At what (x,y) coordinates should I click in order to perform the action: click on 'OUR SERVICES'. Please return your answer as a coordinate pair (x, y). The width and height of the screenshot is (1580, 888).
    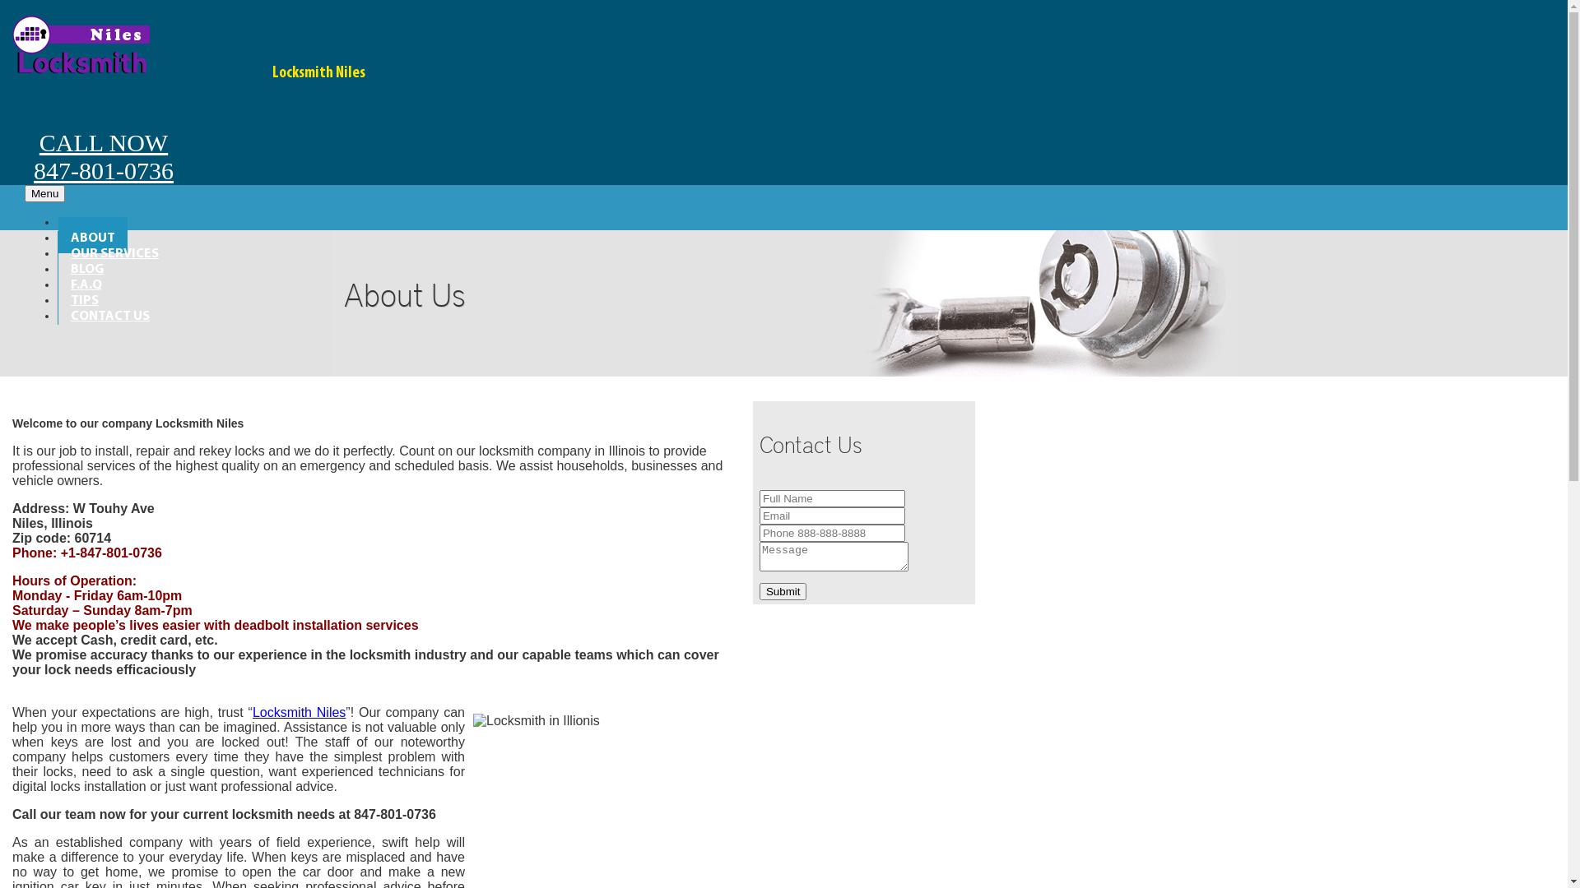
    Looking at the image, I should click on (58, 250).